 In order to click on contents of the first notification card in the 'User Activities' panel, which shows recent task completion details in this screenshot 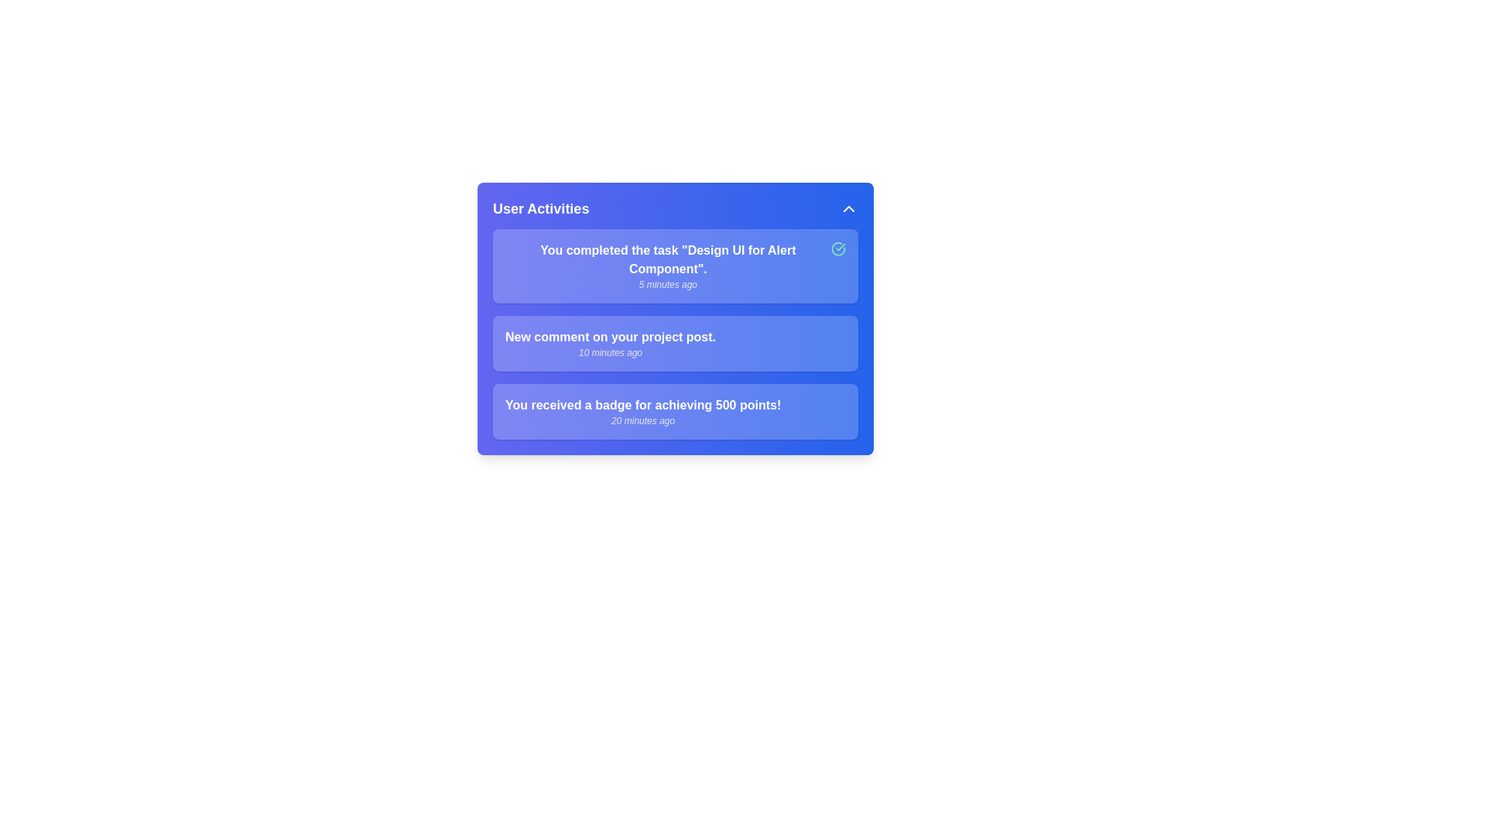, I will do `click(676, 265)`.